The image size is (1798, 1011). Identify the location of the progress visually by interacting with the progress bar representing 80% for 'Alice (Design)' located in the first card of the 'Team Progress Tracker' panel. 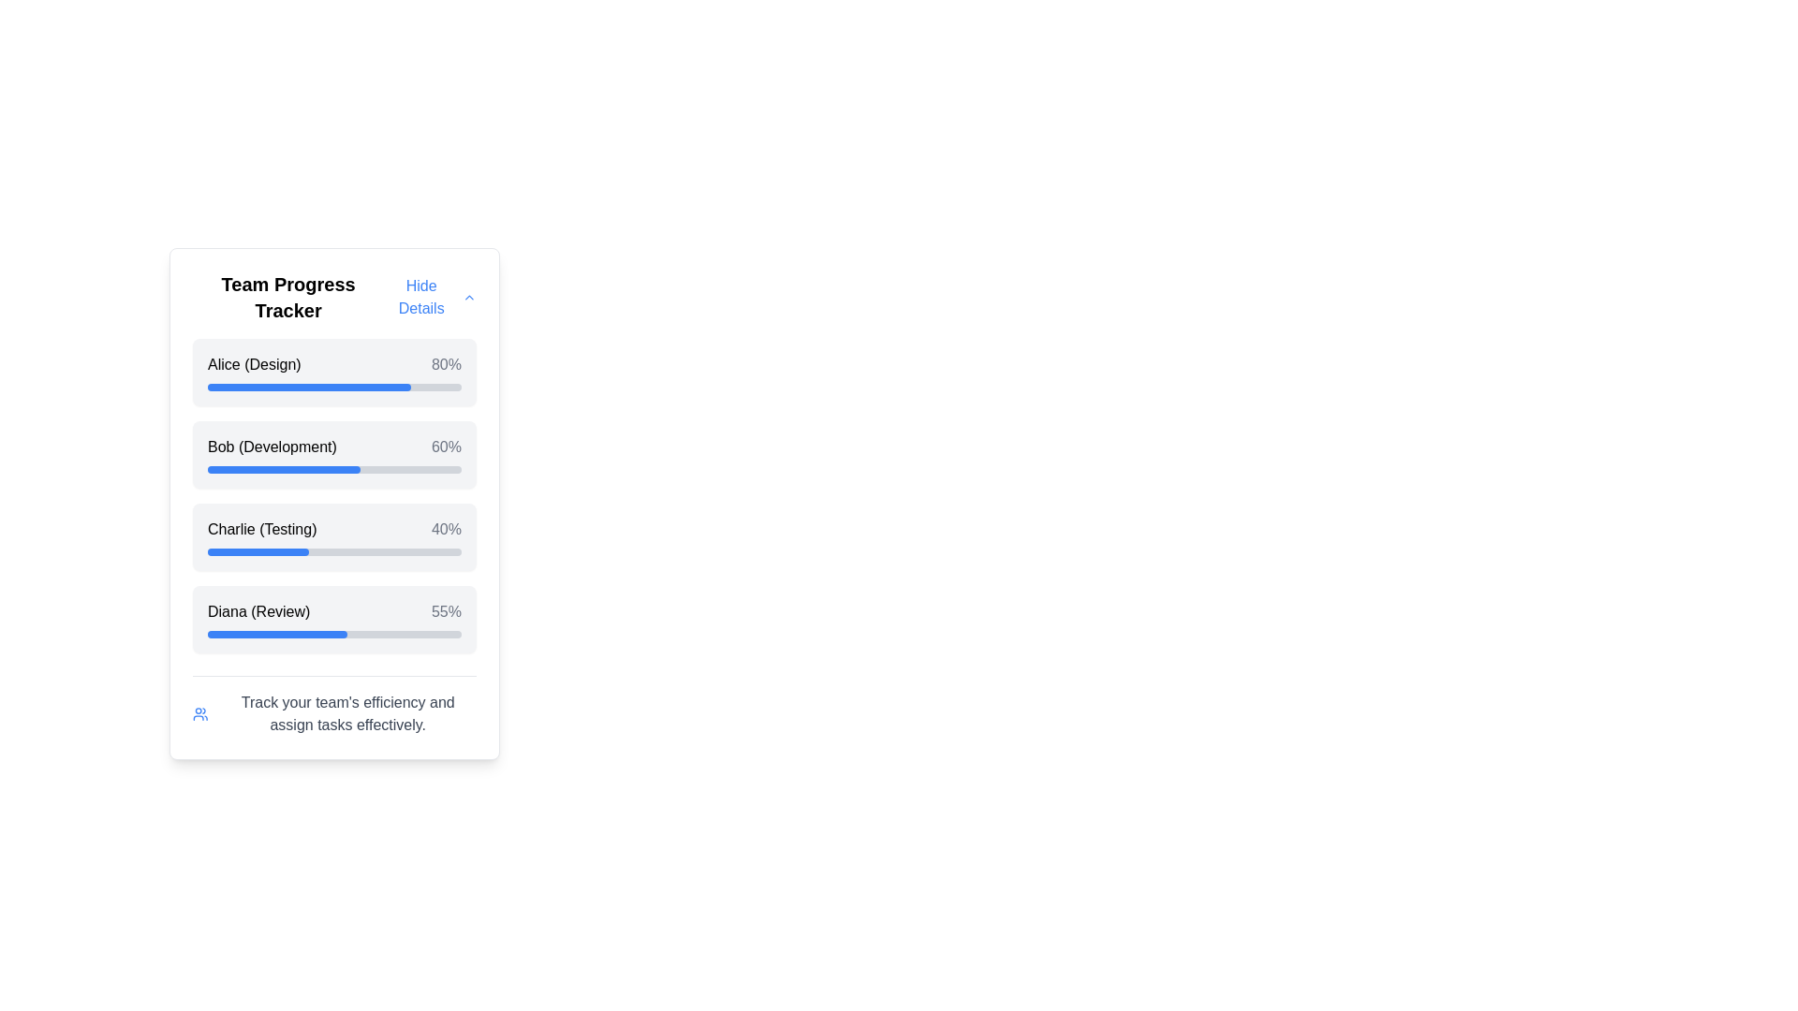
(334, 386).